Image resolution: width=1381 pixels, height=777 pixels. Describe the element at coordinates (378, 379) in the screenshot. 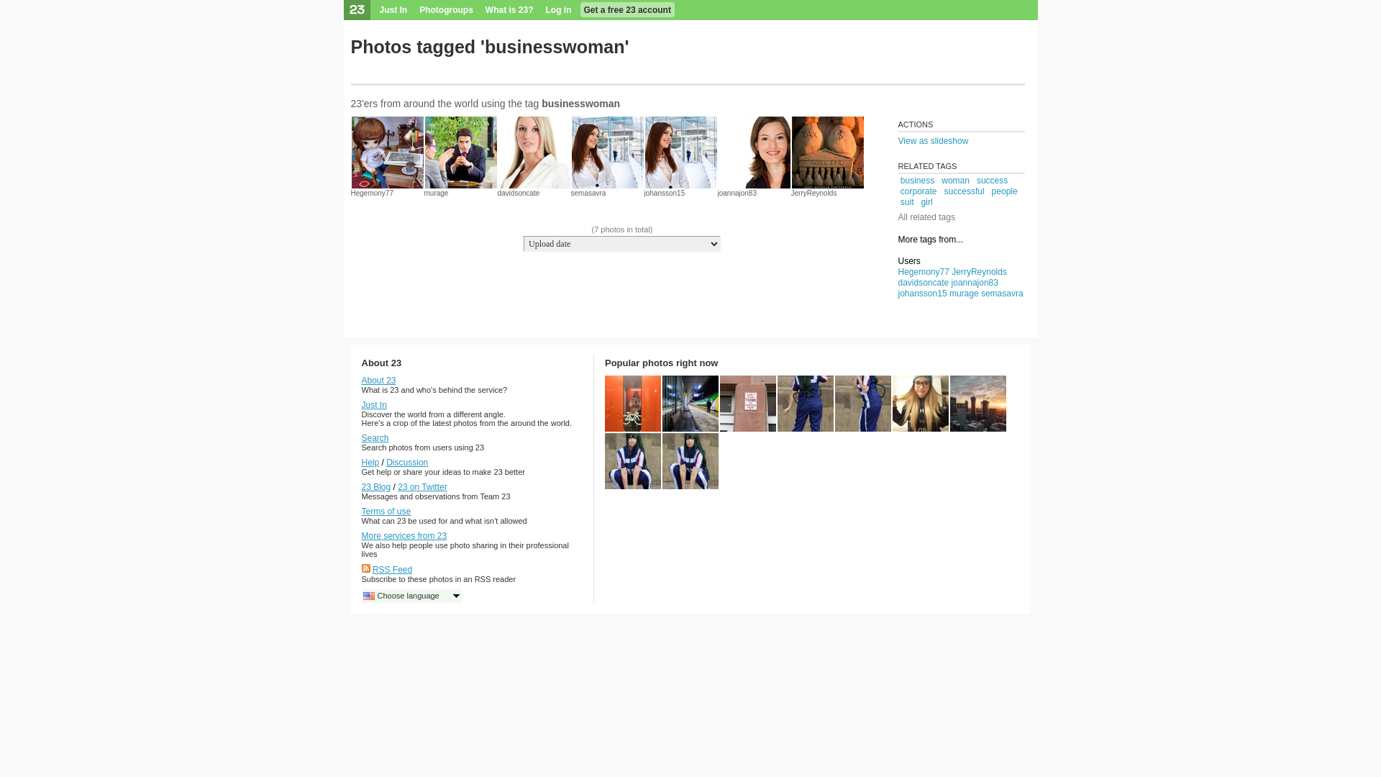

I see `'About 23'` at that location.